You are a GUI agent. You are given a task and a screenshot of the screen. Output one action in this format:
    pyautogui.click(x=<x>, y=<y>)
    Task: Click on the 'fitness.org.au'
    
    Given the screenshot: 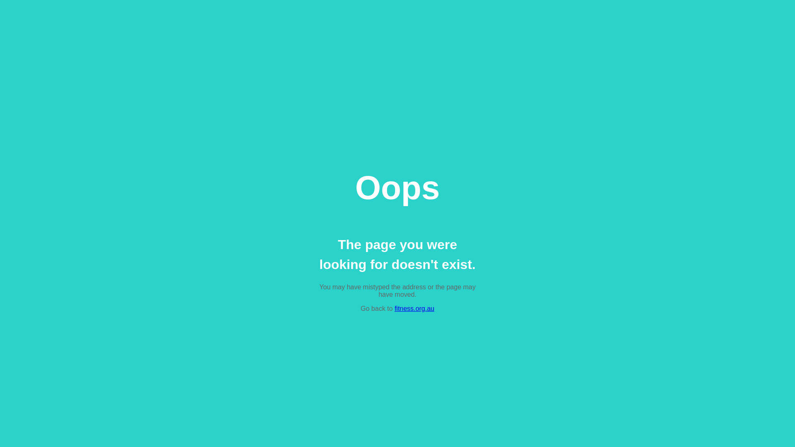 What is the action you would take?
    pyautogui.click(x=414, y=308)
    